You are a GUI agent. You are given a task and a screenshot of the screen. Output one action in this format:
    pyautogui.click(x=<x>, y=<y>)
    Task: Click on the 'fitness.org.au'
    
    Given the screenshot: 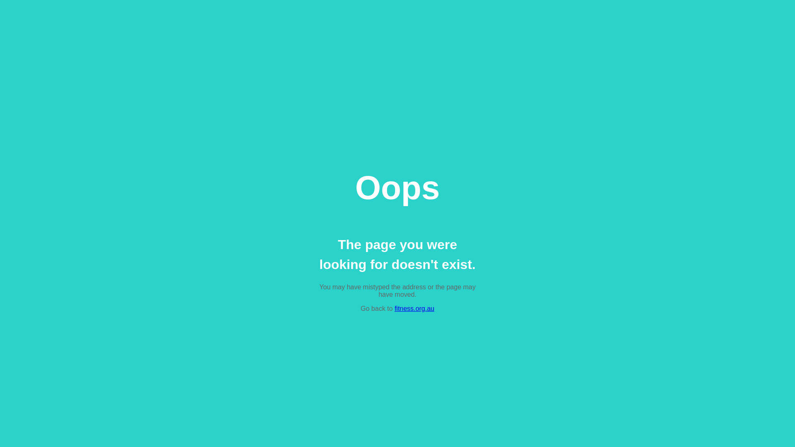 What is the action you would take?
    pyautogui.click(x=414, y=308)
    